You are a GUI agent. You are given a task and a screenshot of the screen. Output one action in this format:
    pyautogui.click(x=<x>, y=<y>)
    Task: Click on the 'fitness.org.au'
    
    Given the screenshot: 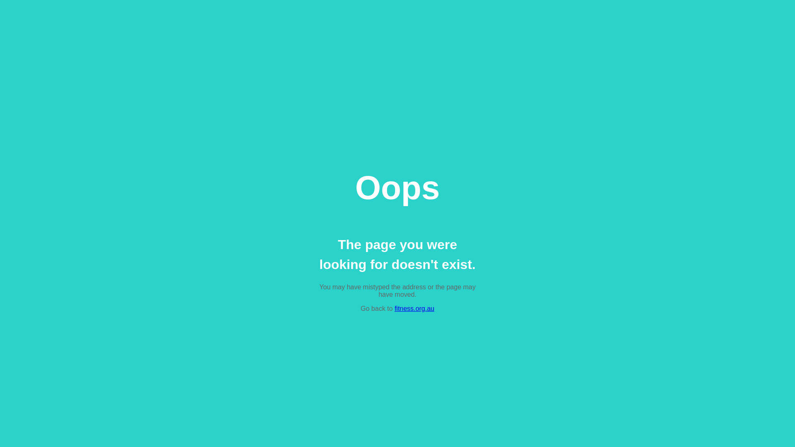 What is the action you would take?
    pyautogui.click(x=414, y=308)
    